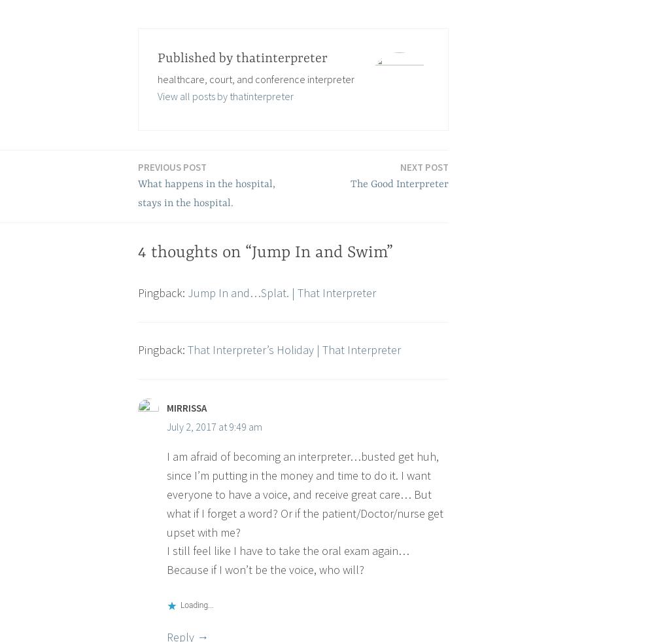  What do you see at coordinates (186, 407) in the screenshot?
I see `'Mirrissa'` at bounding box center [186, 407].